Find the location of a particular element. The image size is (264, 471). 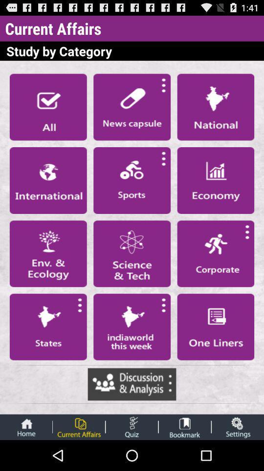

the button above the home button on the web page is located at coordinates (47, 327).